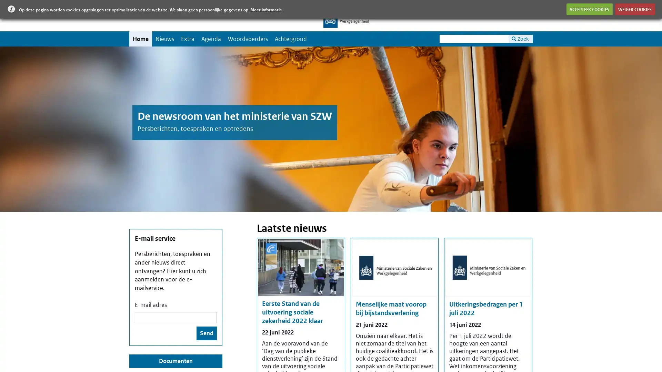 This screenshot has height=372, width=662. What do you see at coordinates (521, 38) in the screenshot?
I see `Zoek` at bounding box center [521, 38].